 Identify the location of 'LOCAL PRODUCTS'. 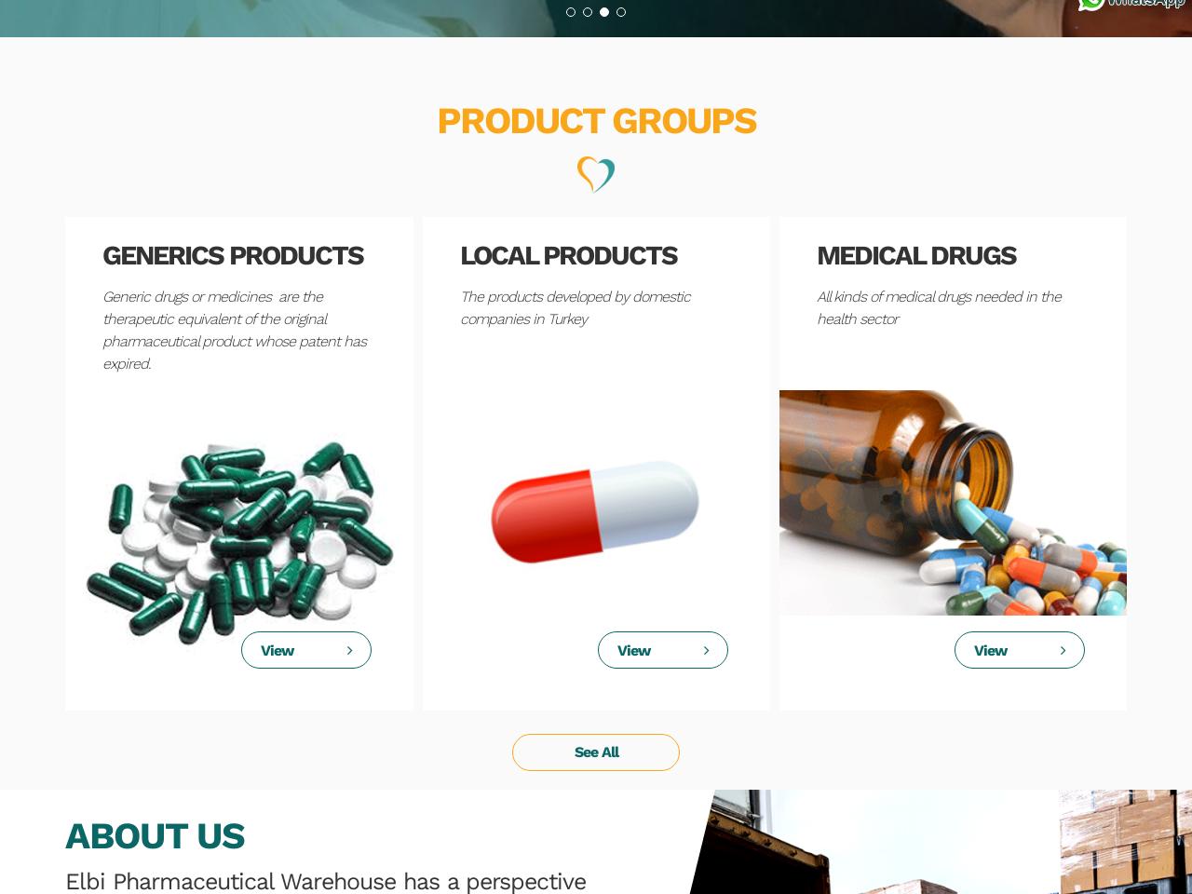
(566, 253).